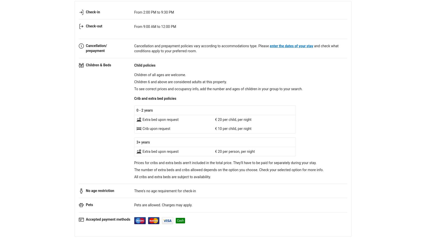 The height and width of the screenshot is (243, 426). What do you see at coordinates (95, 50) in the screenshot?
I see `'prepayment'` at bounding box center [95, 50].